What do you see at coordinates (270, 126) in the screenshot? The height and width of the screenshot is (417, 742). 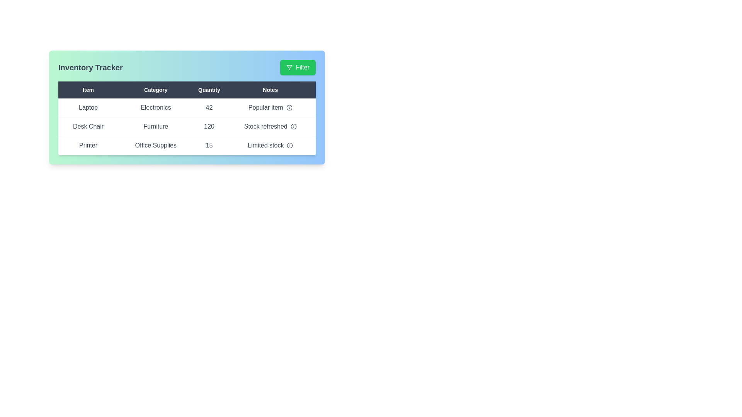 I see `the 'Notes' column entry for Stock refreshed to view additional details` at bounding box center [270, 126].